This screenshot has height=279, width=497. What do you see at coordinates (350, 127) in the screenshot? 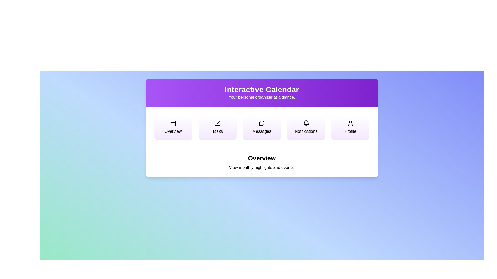
I see `the menu option corresponding to Profile to switch views` at bounding box center [350, 127].